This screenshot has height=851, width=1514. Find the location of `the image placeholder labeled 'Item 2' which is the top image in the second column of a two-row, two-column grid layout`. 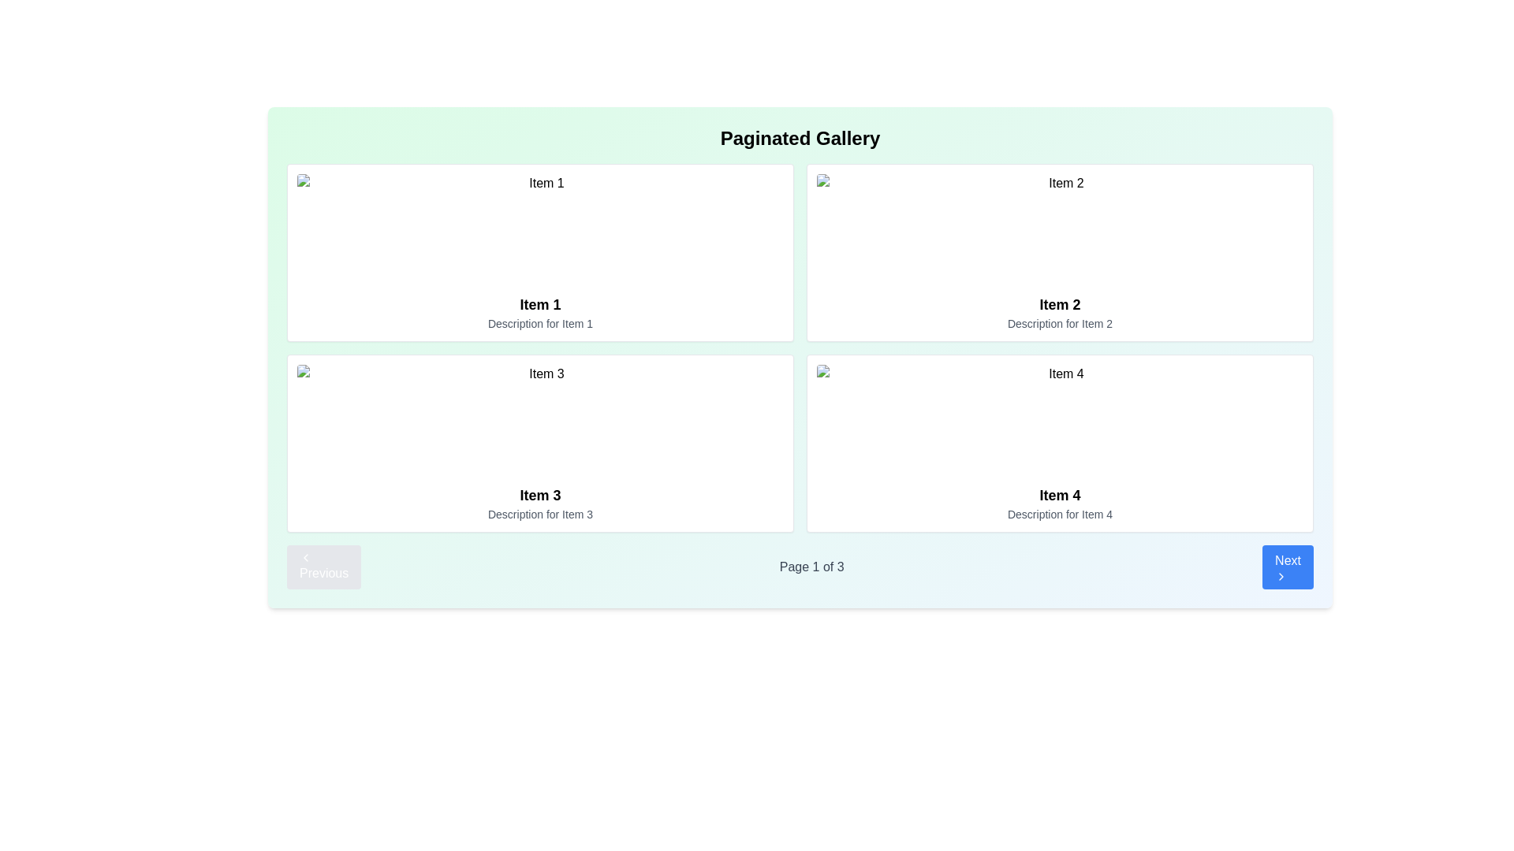

the image placeholder labeled 'Item 2' which is the top image in the second column of a two-row, two-column grid layout is located at coordinates (1060, 231).